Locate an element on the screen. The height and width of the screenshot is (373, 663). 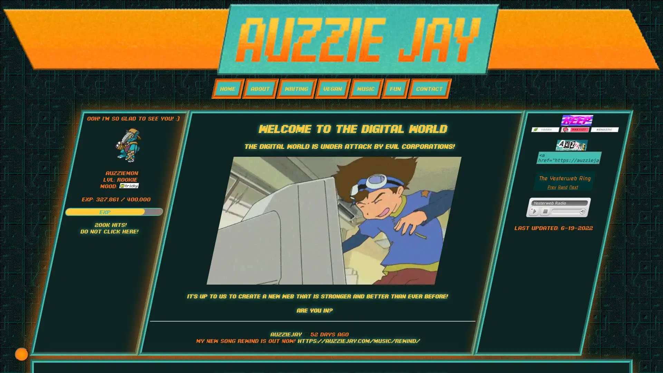
ABOUT is located at coordinates (260, 88).